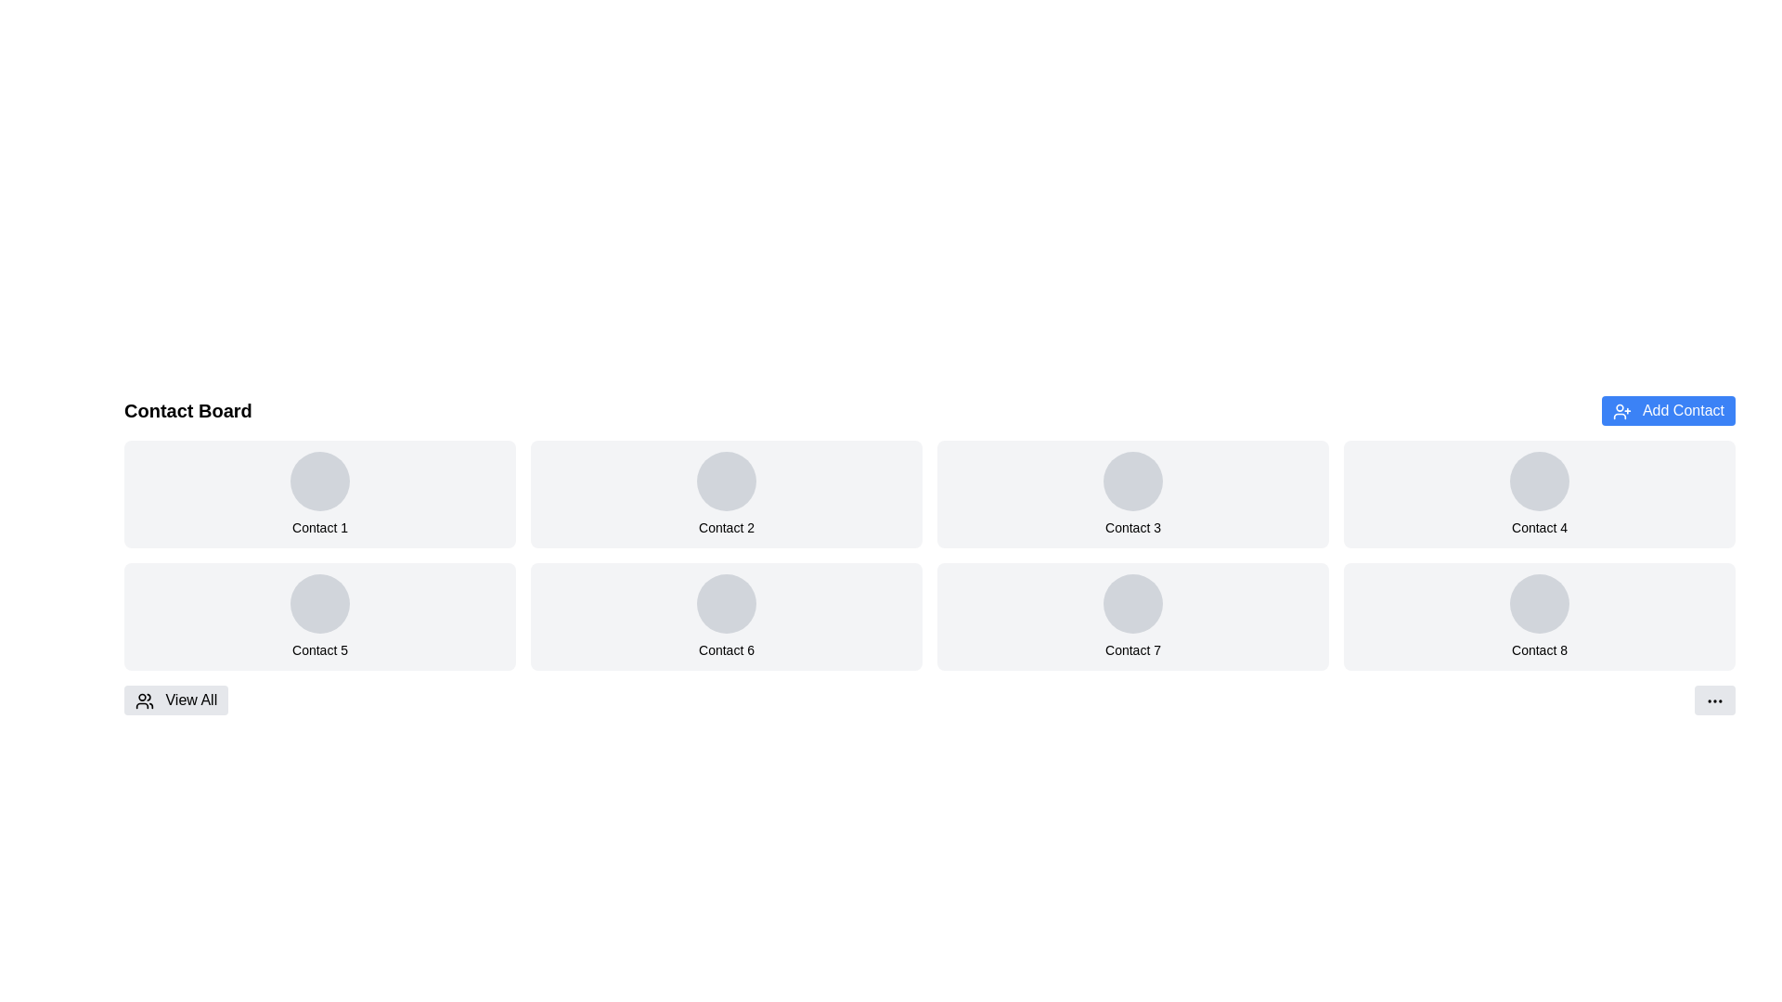 Image resolution: width=1782 pixels, height=1002 pixels. What do you see at coordinates (320, 528) in the screenshot?
I see `label of the contact text element located in the first card of the top row within the 'Contact Board' section` at bounding box center [320, 528].